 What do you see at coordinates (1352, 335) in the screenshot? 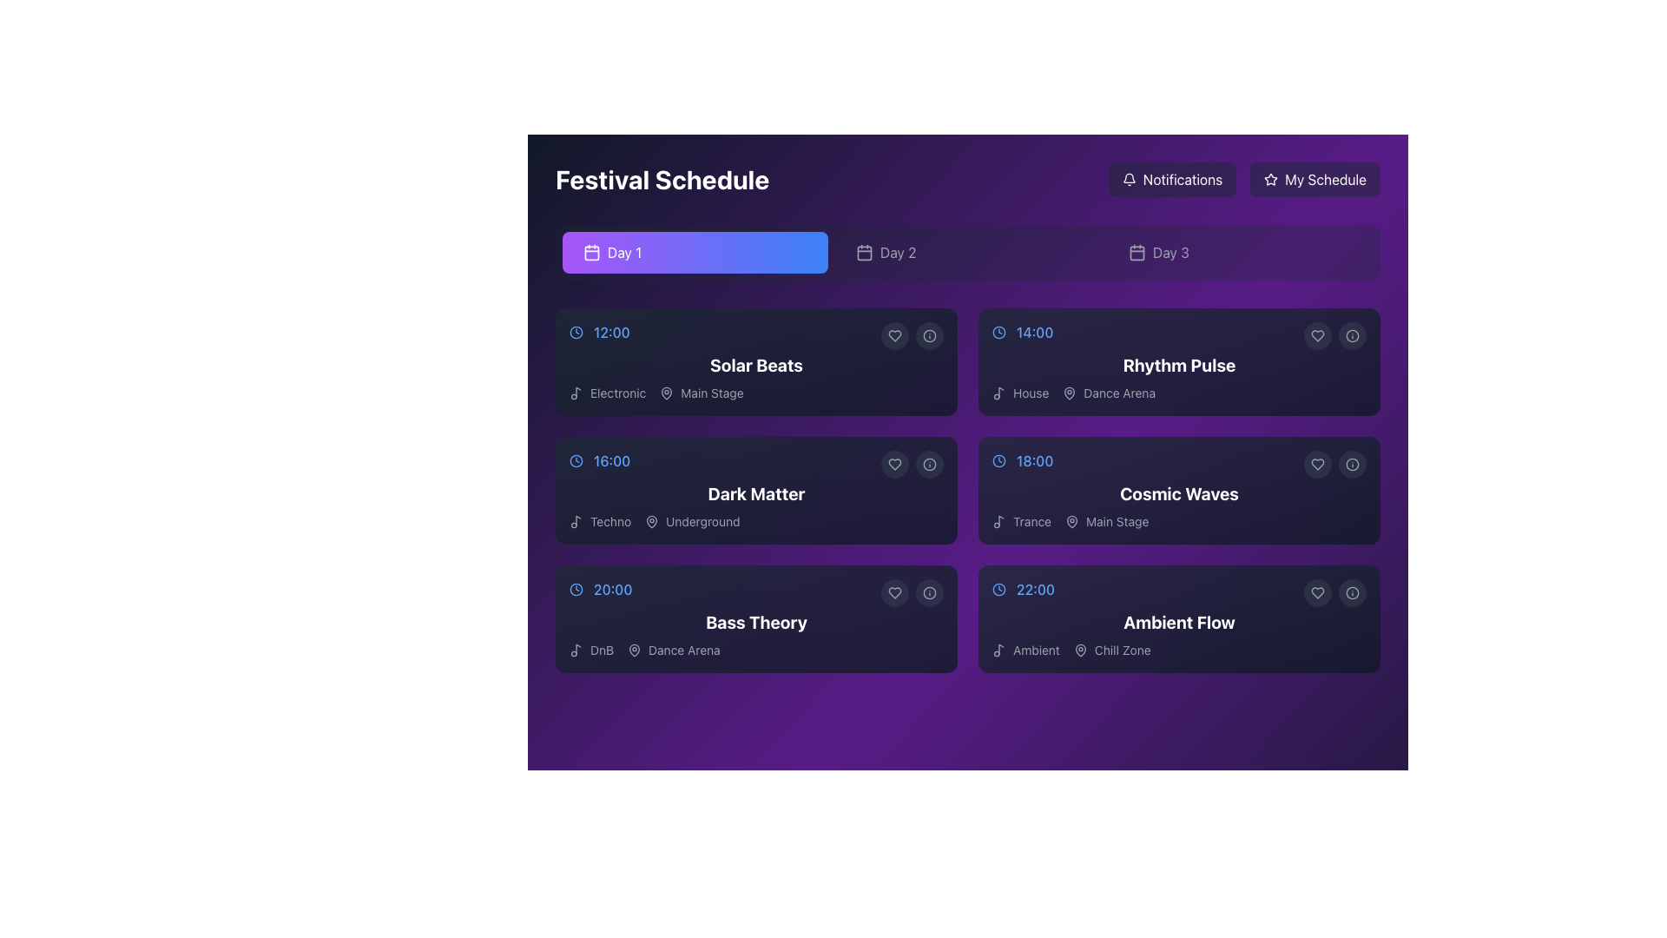
I see `the central circle icon located at the top-right corner of the 'Rhythm Pulse' schedule box, which serves as an indicator or button for information, alerts, or settings` at bounding box center [1352, 335].